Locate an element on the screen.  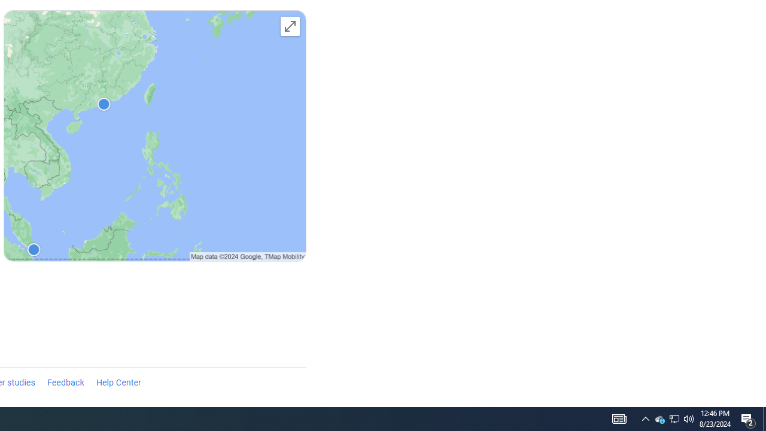
'Explore destinations' is located at coordinates (154, 137).